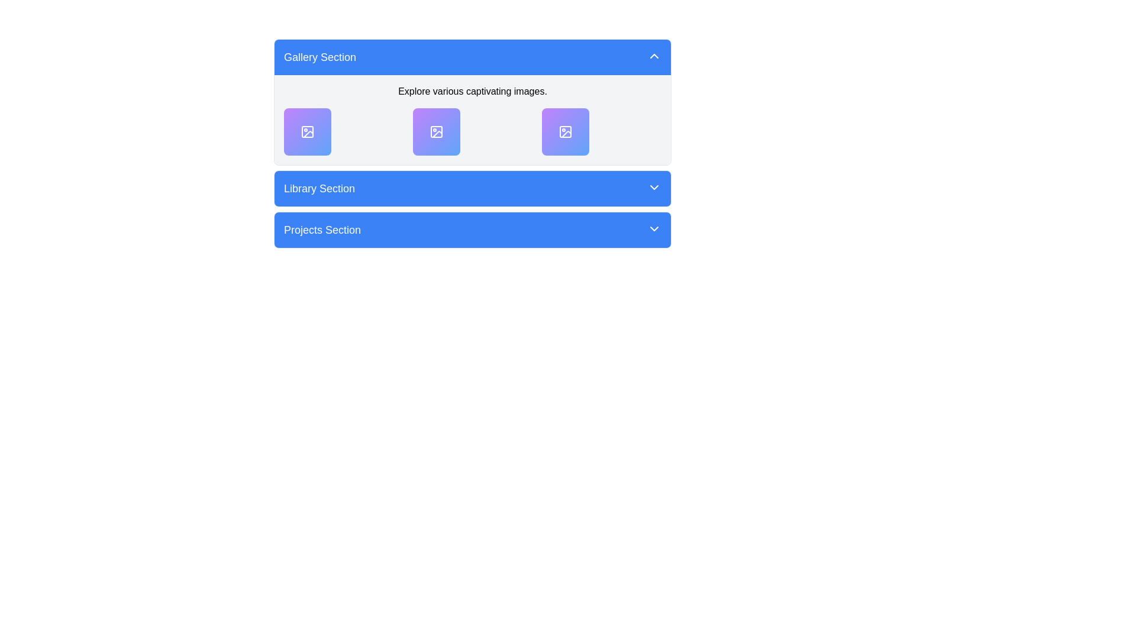  Describe the element at coordinates (436, 132) in the screenshot. I see `the middle icon` at that location.